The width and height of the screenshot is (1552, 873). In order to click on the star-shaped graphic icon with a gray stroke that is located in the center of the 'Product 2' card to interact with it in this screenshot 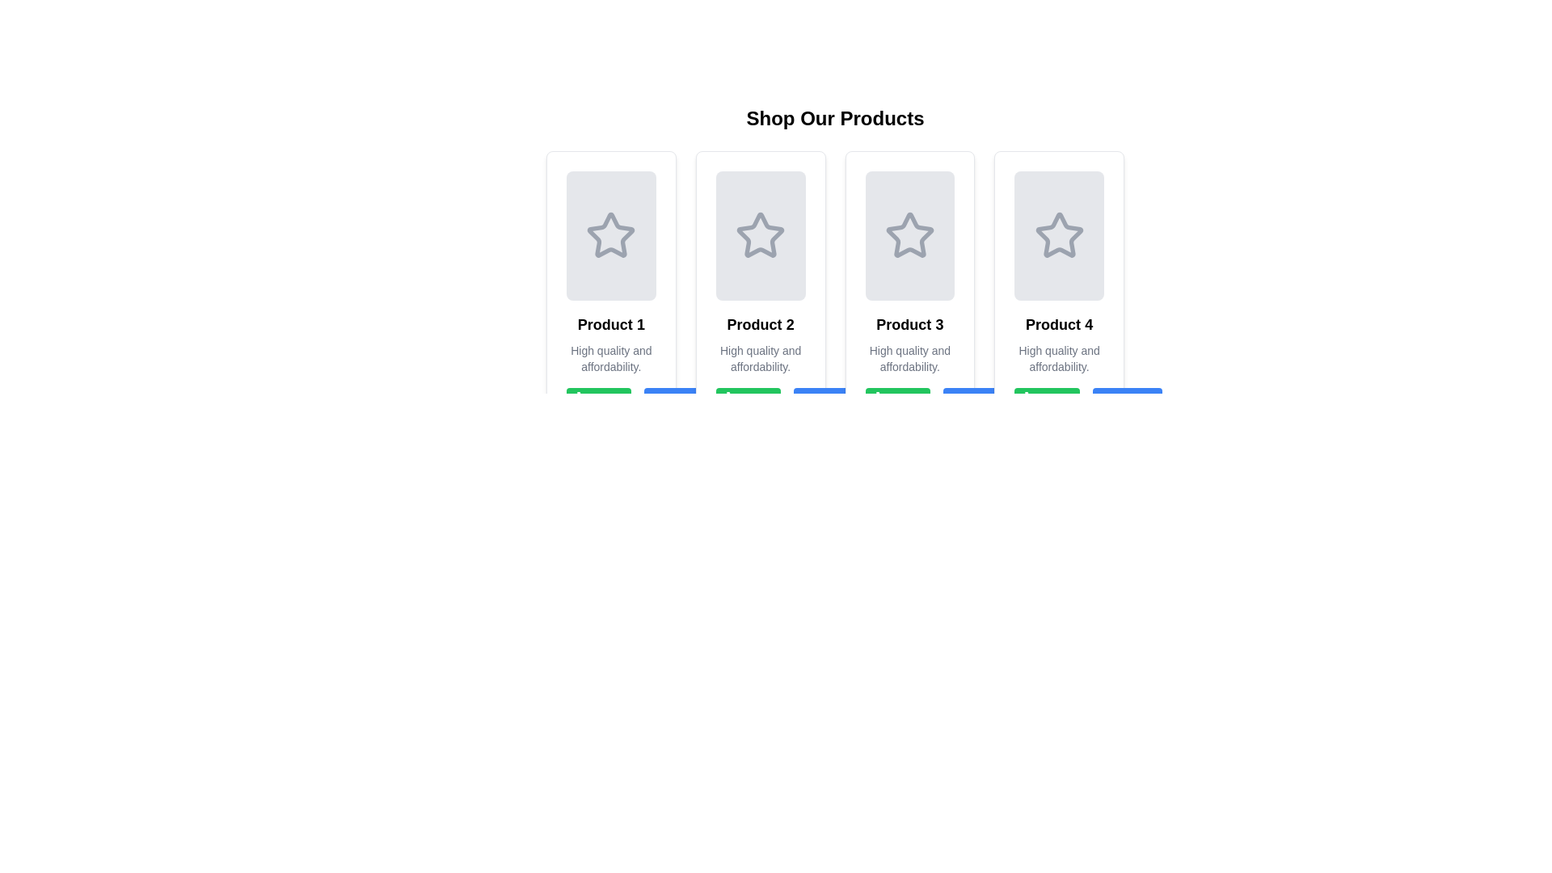, I will do `click(760, 234)`.